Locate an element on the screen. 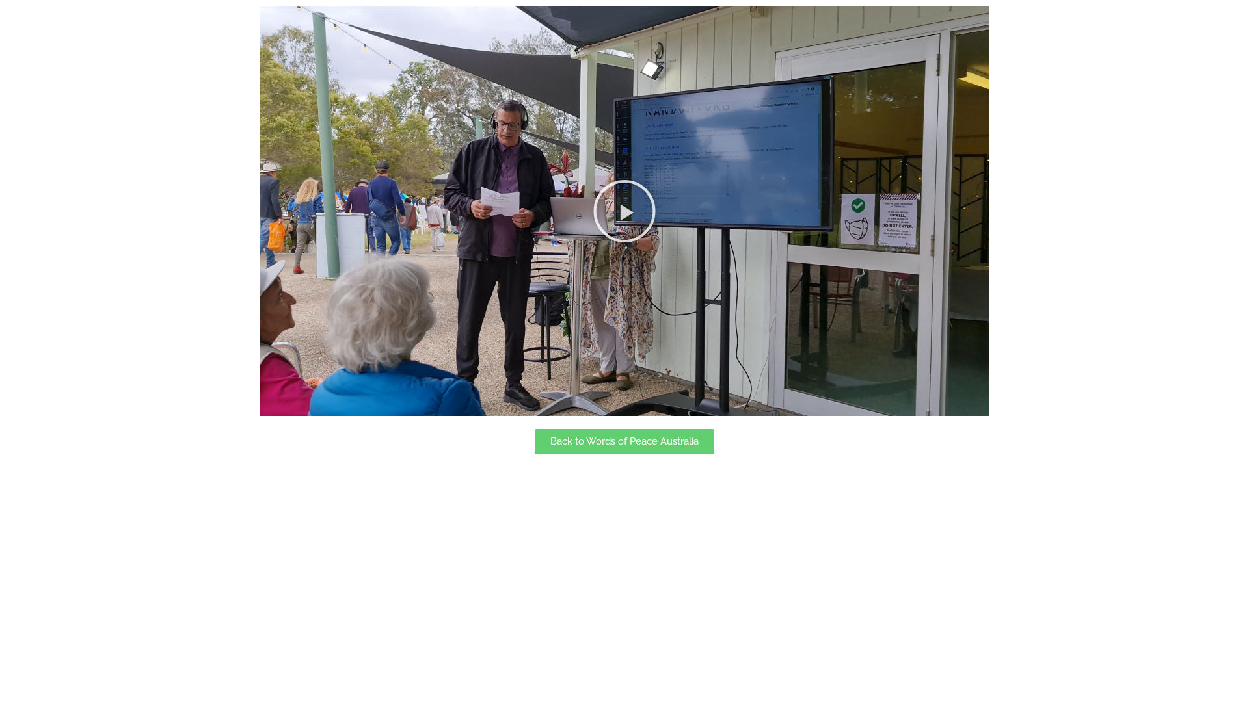 This screenshot has width=1249, height=702. 'Back to Words of Peace Australia' is located at coordinates (534, 441).